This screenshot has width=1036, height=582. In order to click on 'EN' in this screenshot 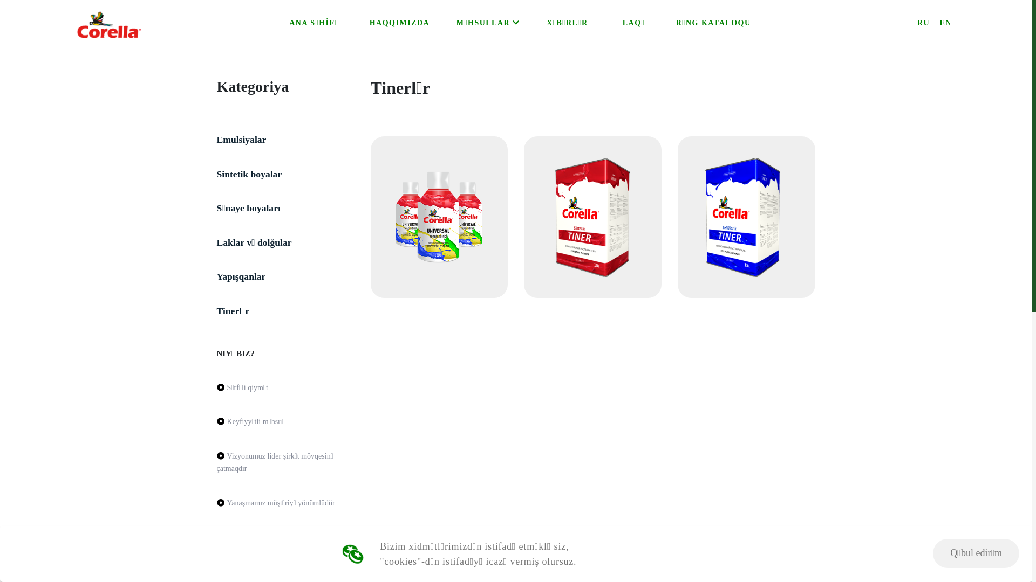, I will do `click(945, 23)`.